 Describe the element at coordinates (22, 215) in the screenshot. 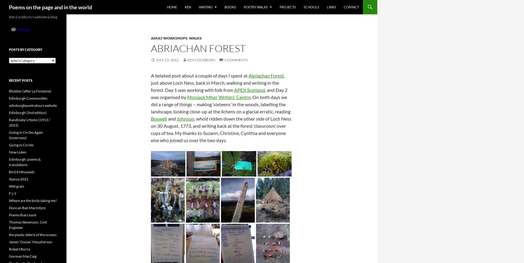

I see `'Poems that count'` at that location.